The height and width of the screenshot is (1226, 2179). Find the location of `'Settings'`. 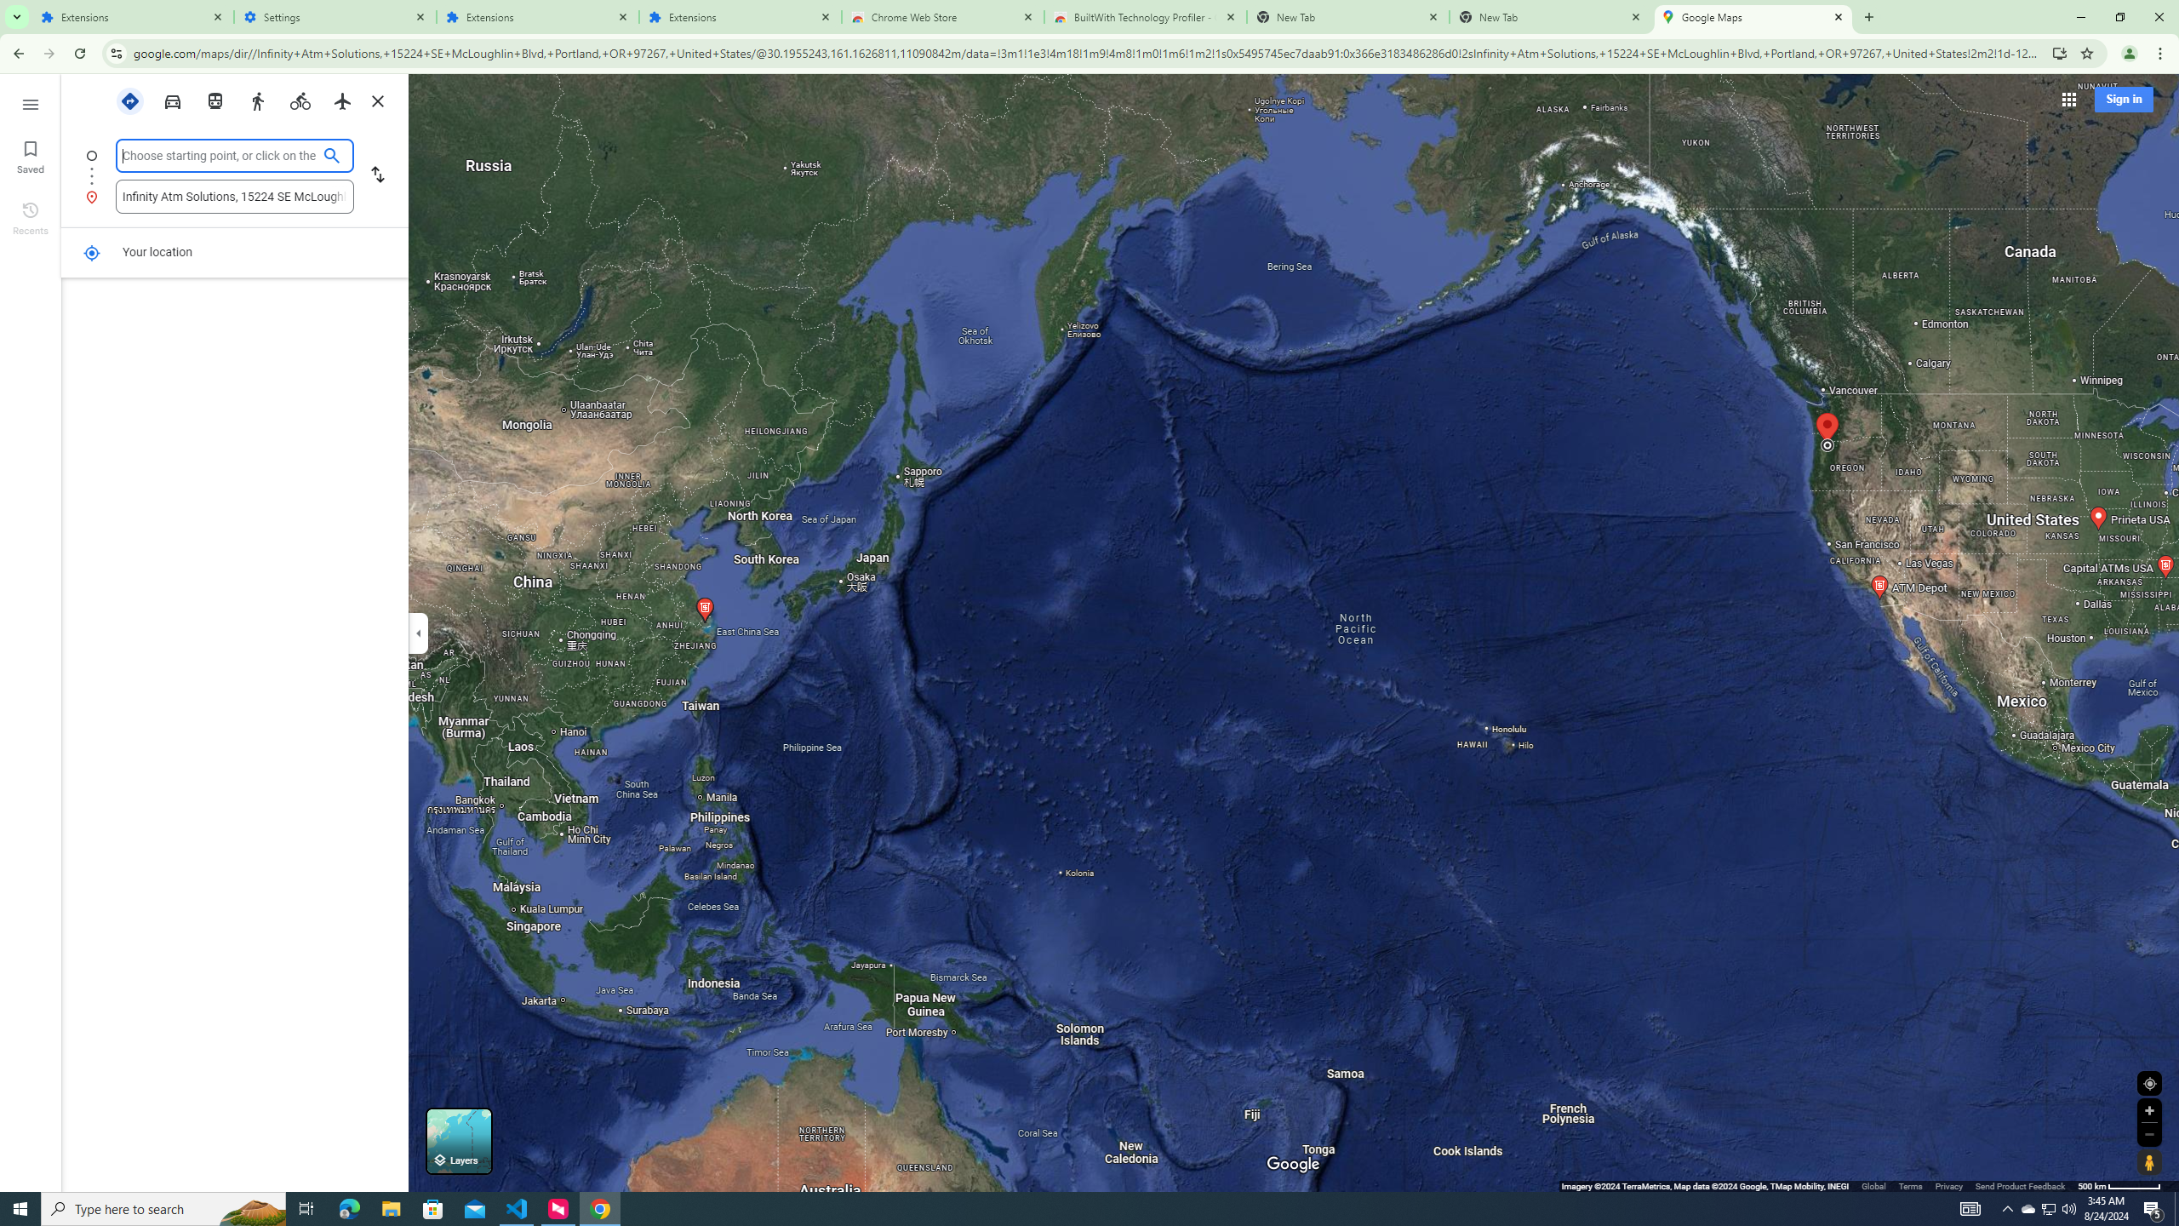

'Settings' is located at coordinates (335, 16).